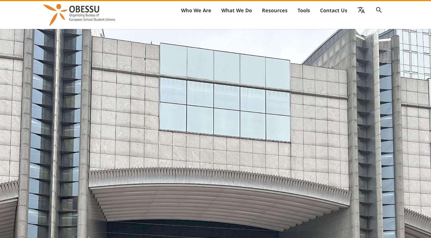  Describe the element at coordinates (324, 23) in the screenshot. I see `'Documents'` at that location.